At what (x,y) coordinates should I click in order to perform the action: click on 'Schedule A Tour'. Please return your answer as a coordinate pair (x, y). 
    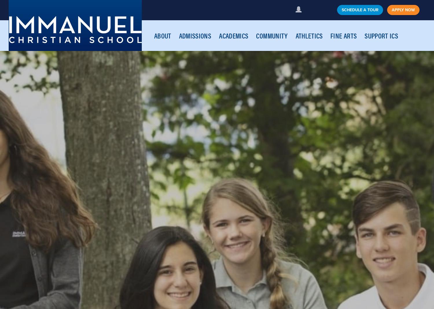
    Looking at the image, I should click on (360, 9).